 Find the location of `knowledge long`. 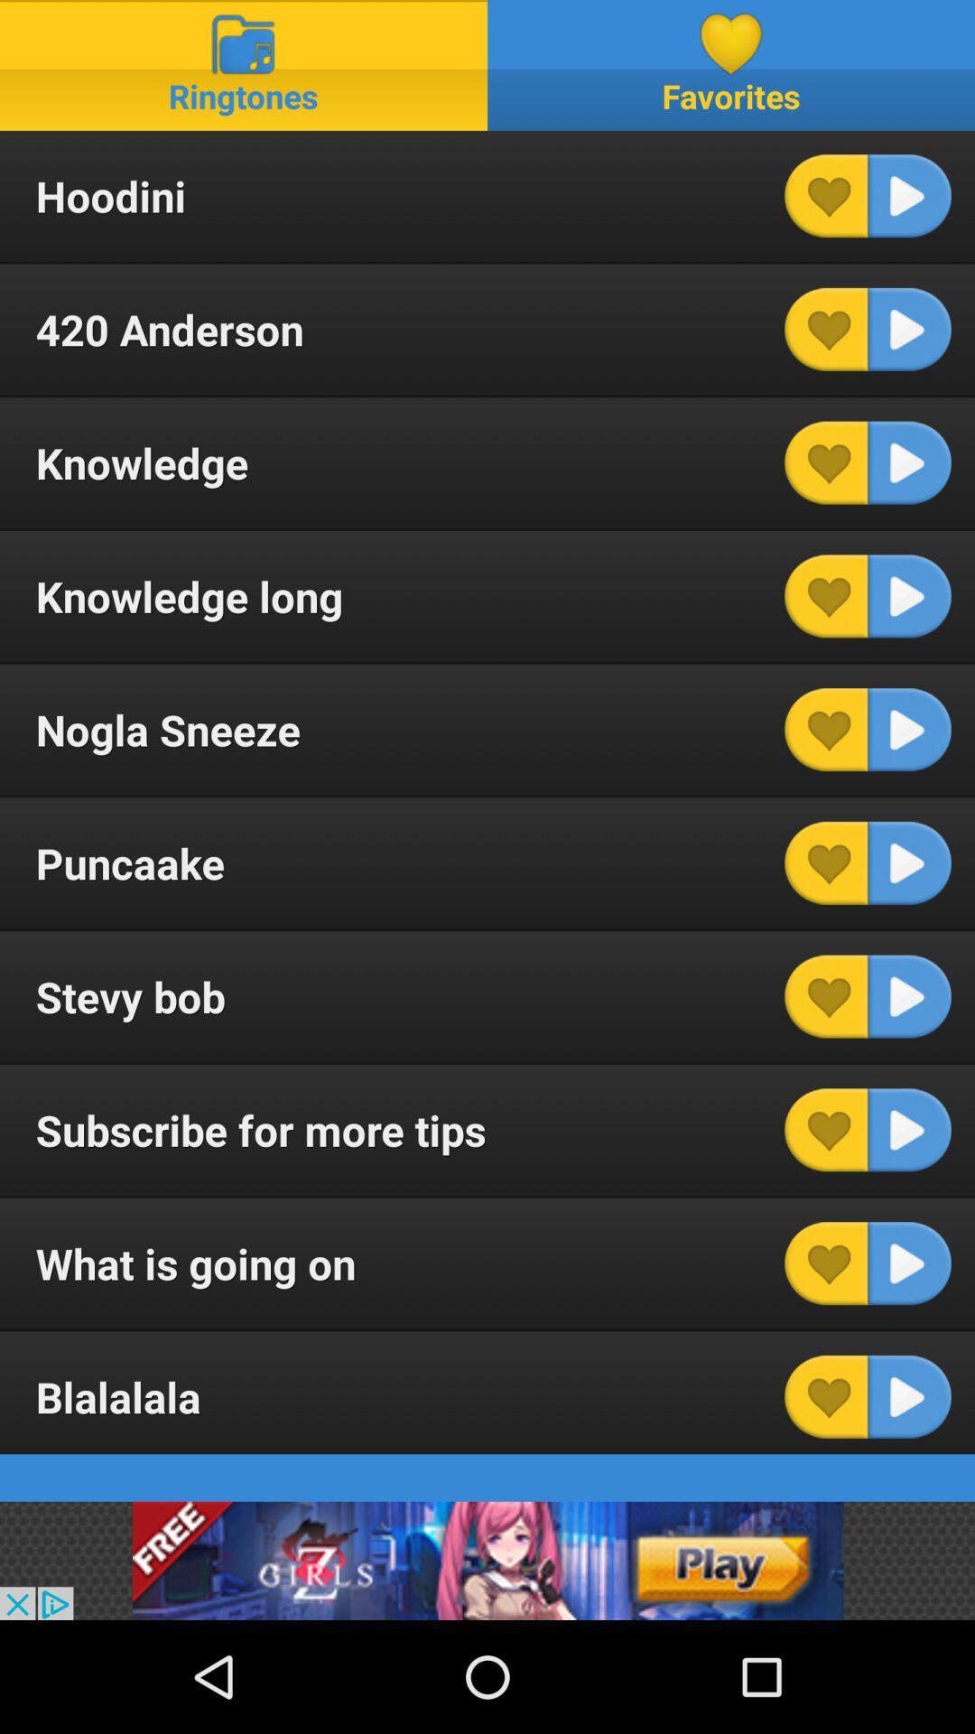

knowledge long is located at coordinates (826, 596).